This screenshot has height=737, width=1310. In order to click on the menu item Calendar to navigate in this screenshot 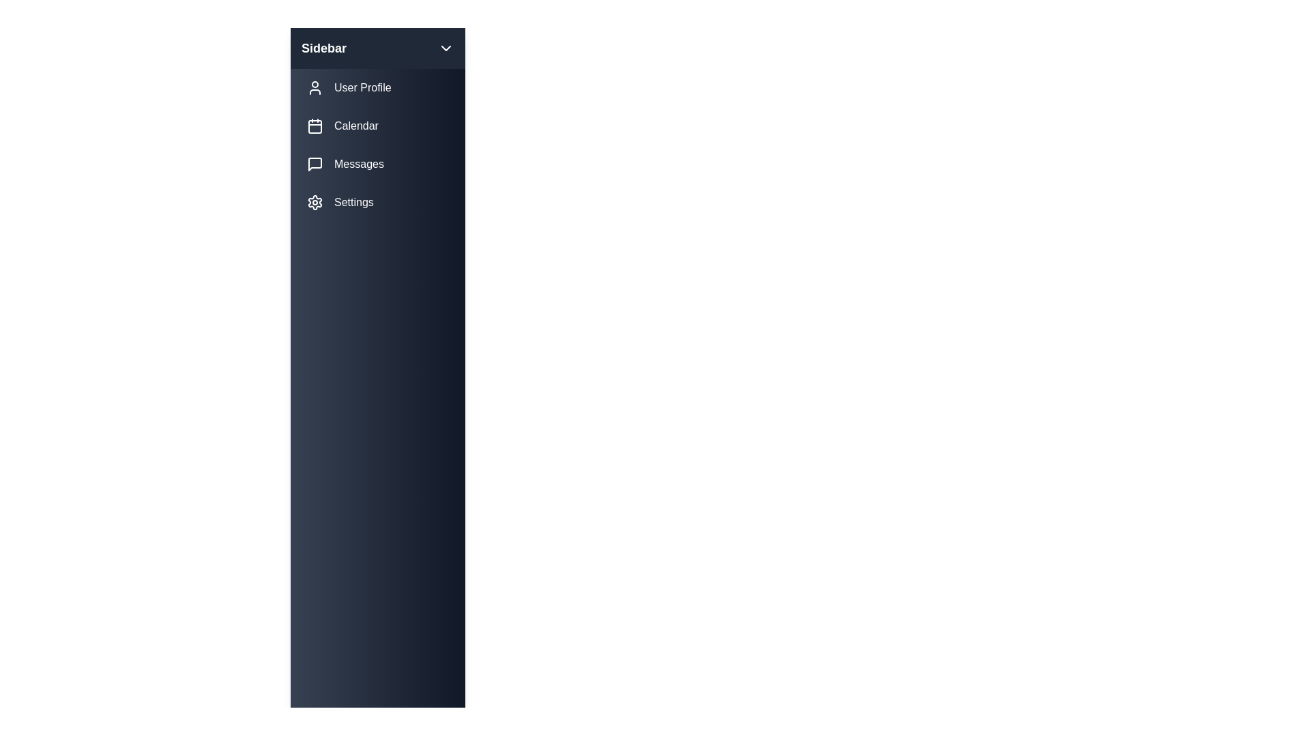, I will do `click(377, 126)`.